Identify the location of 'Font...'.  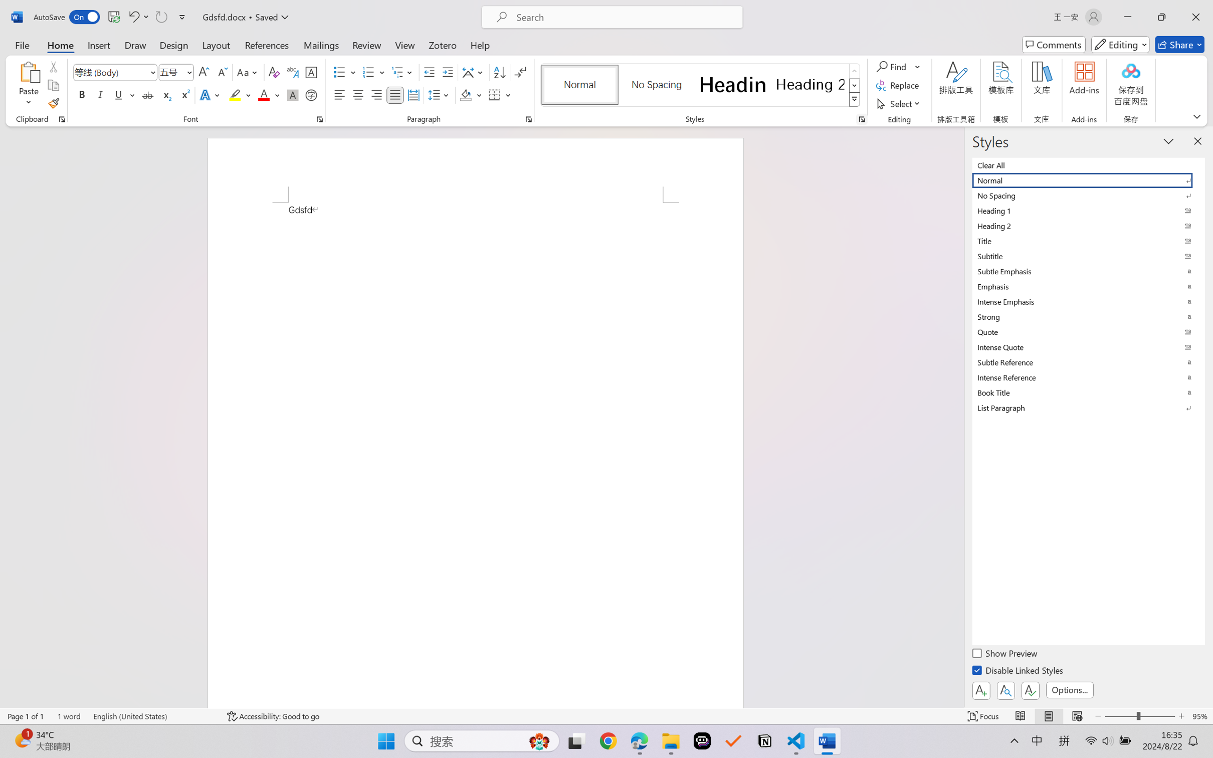
(319, 119).